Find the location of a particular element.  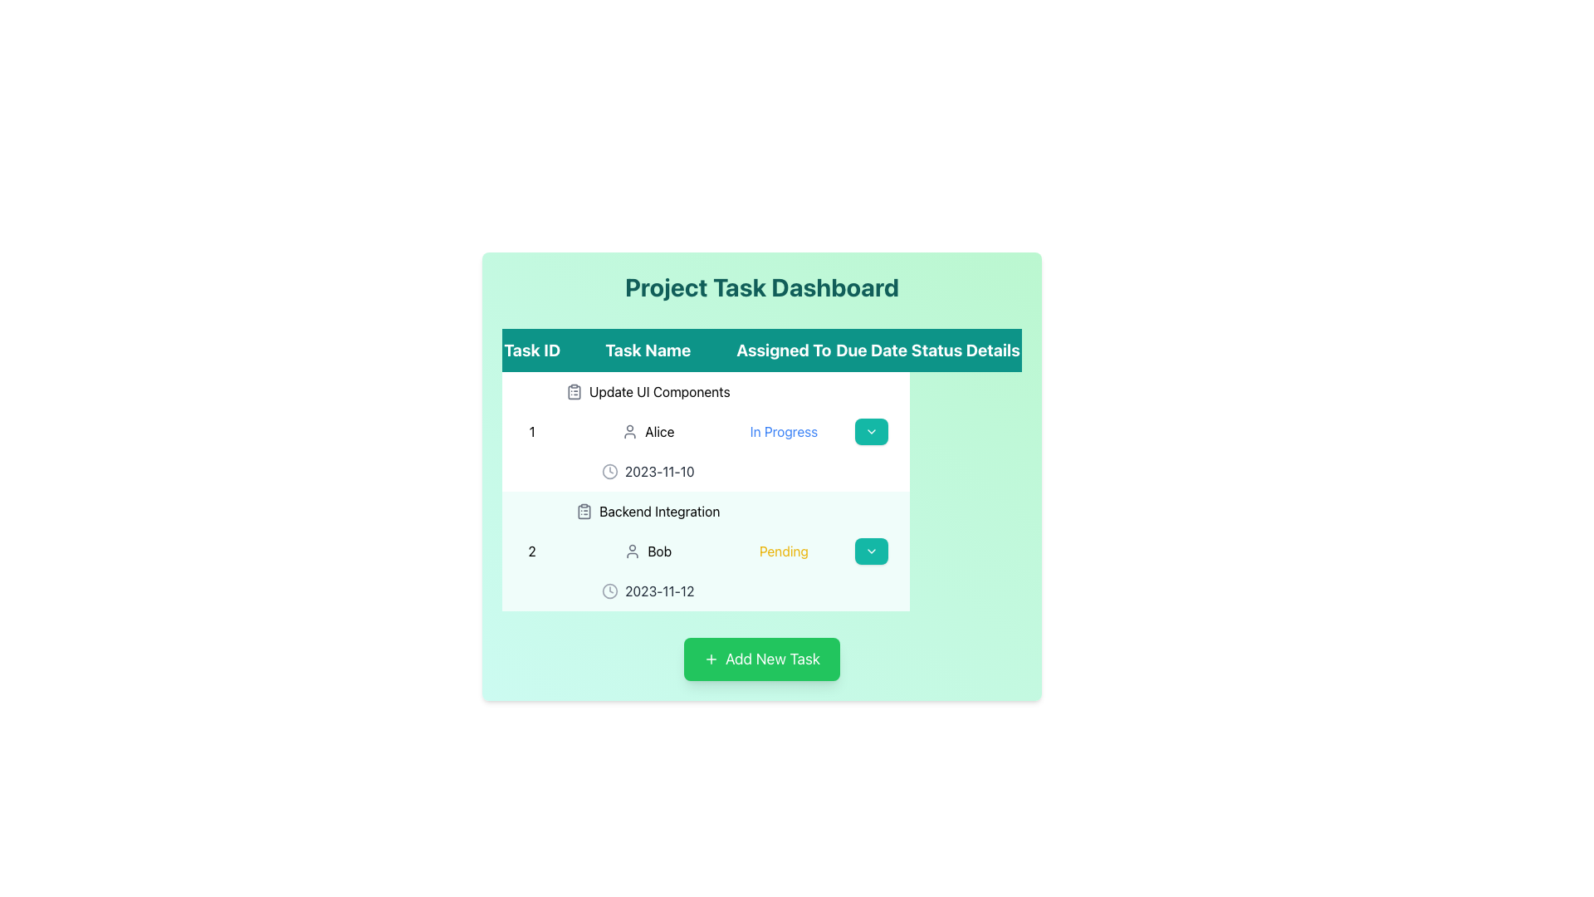

the text label displaying 'Alice' in the 'Assigned To' column of the table, which is positioned to the right of the user icon is located at coordinates (658, 431).